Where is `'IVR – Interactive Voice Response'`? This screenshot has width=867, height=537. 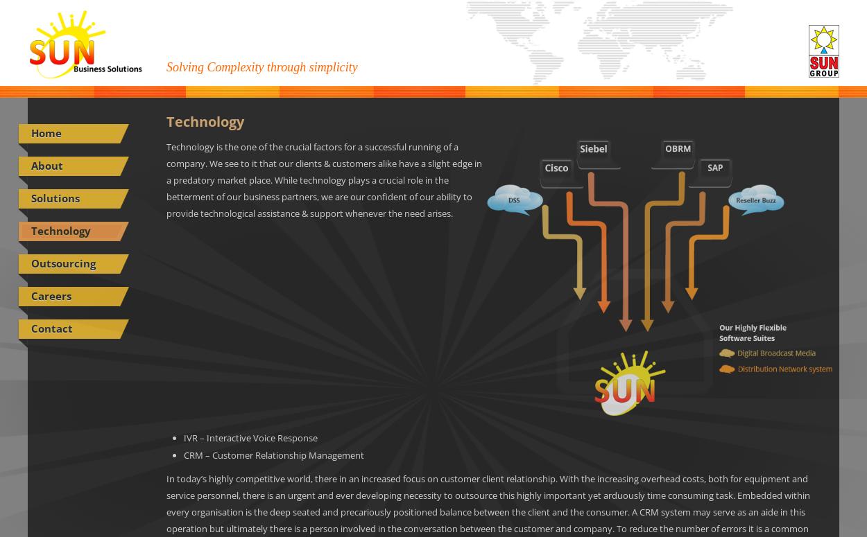
'IVR – Interactive Voice Response' is located at coordinates (184, 438).